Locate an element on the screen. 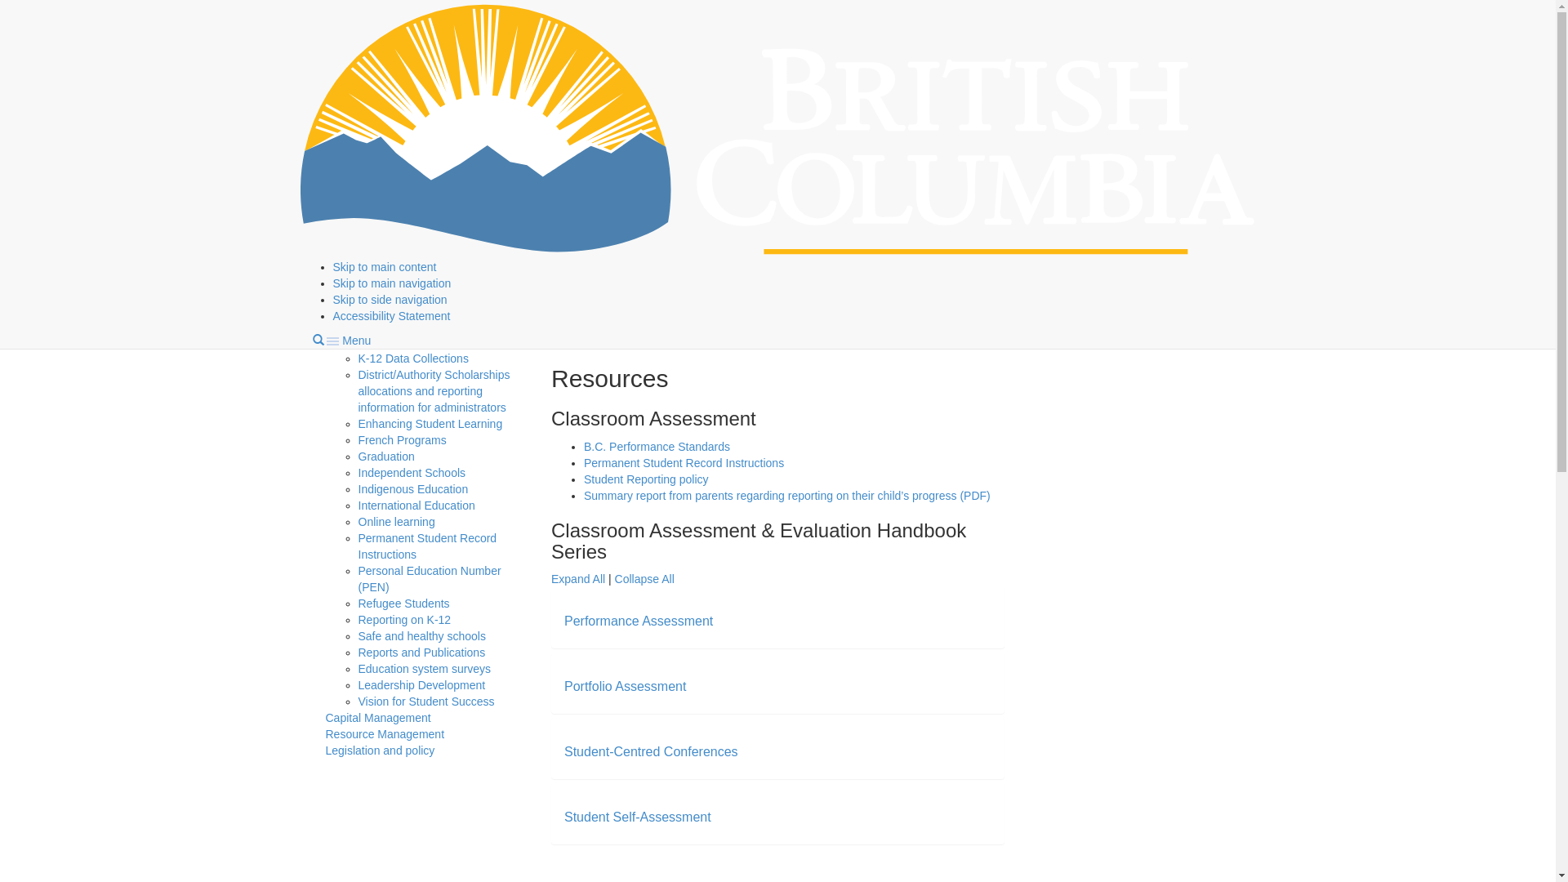 The width and height of the screenshot is (1568, 882). 'B.C. Performance Standards' is located at coordinates (584, 447).